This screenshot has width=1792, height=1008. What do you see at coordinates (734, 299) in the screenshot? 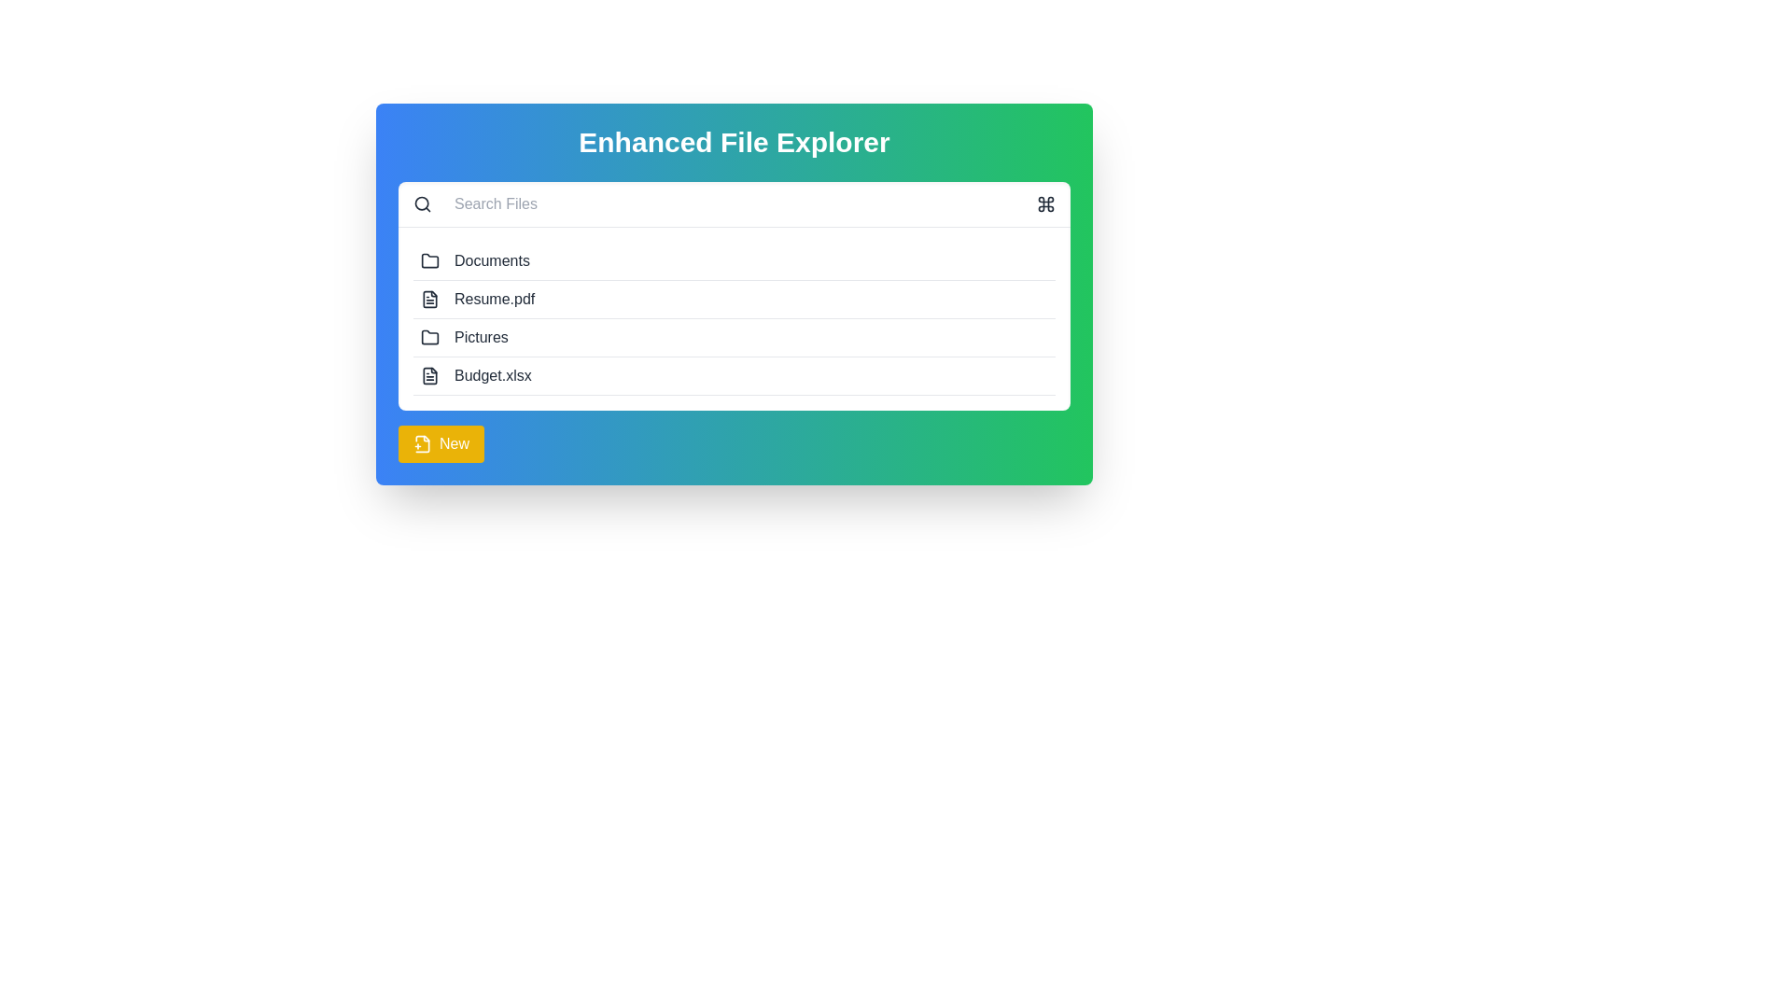
I see `the list item representing the file named 'Resume.pdf'` at bounding box center [734, 299].